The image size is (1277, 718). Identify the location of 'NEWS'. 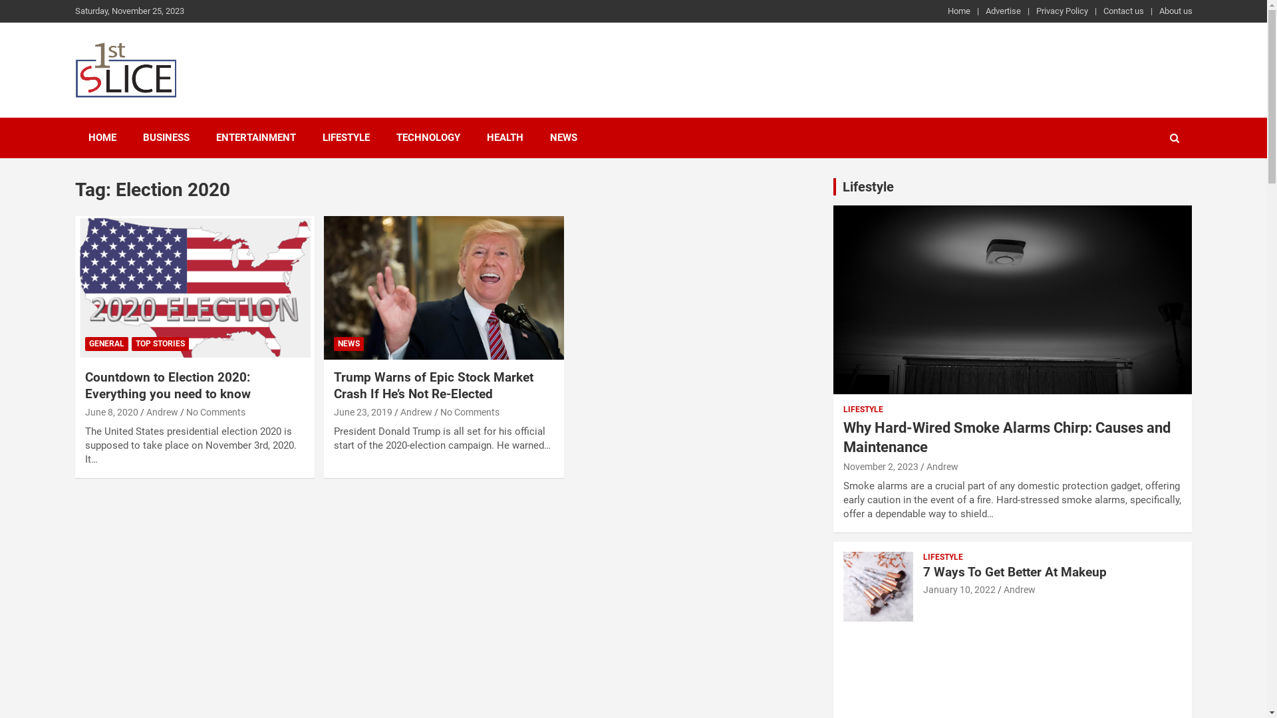
(349, 343).